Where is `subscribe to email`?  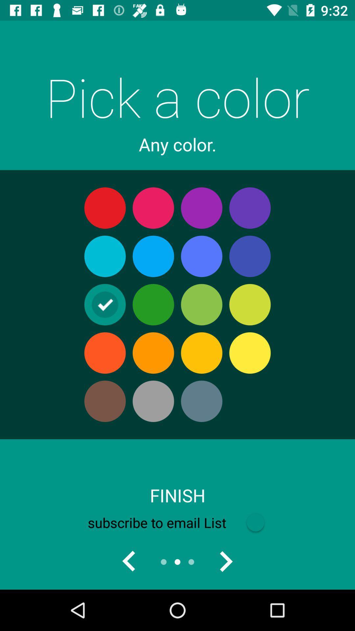 subscribe to email is located at coordinates (177, 522).